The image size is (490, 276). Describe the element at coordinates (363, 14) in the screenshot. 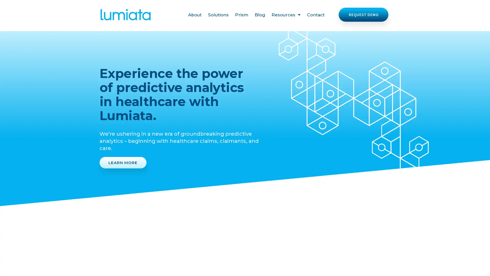

I see `REQUEST DEMO` at that location.